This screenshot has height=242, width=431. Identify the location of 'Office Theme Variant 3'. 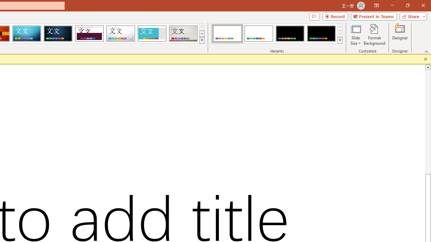
(290, 34).